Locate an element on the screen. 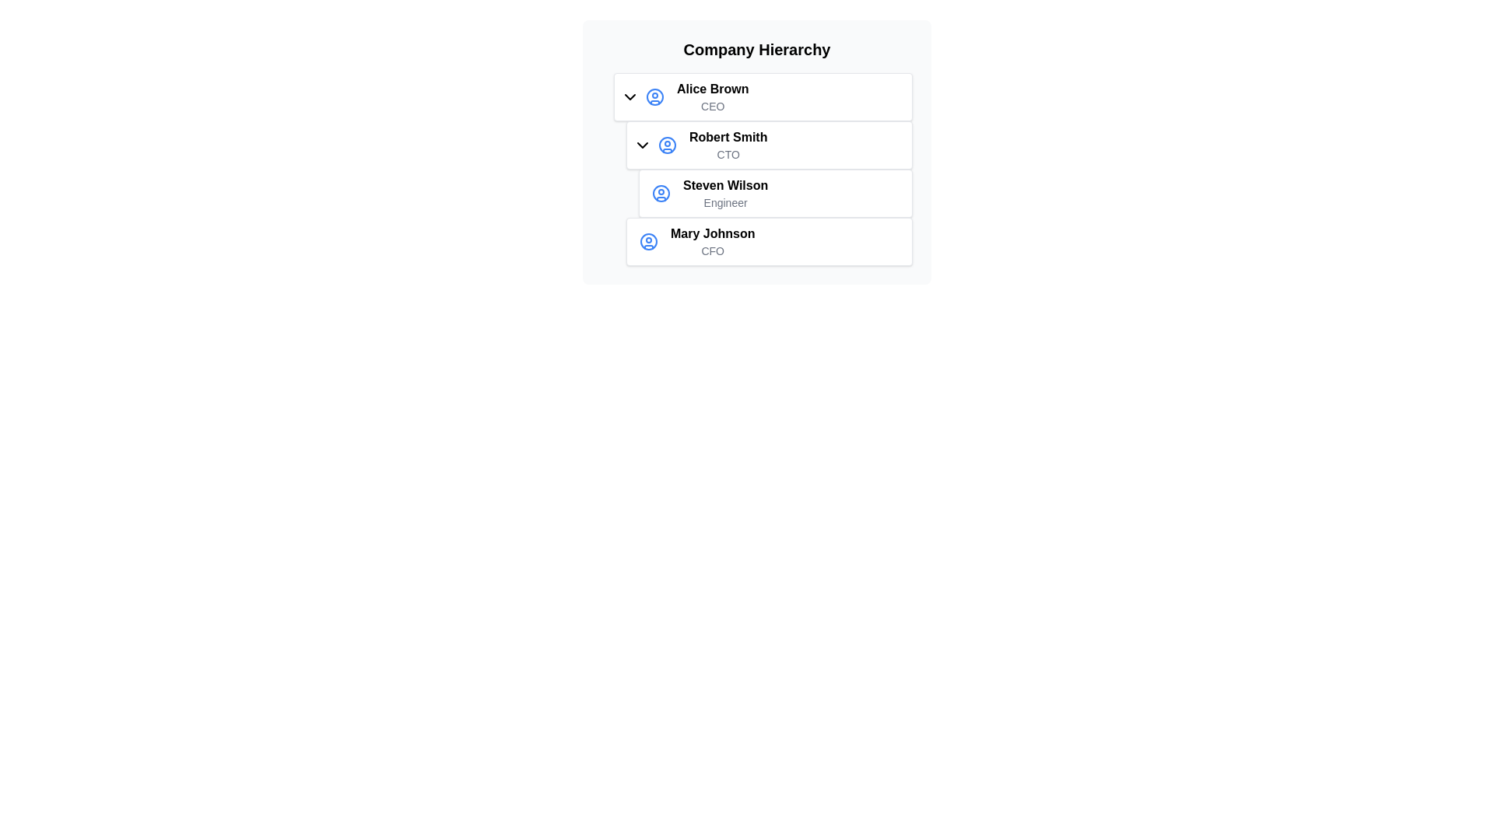  the chevron icon is located at coordinates (630, 96).